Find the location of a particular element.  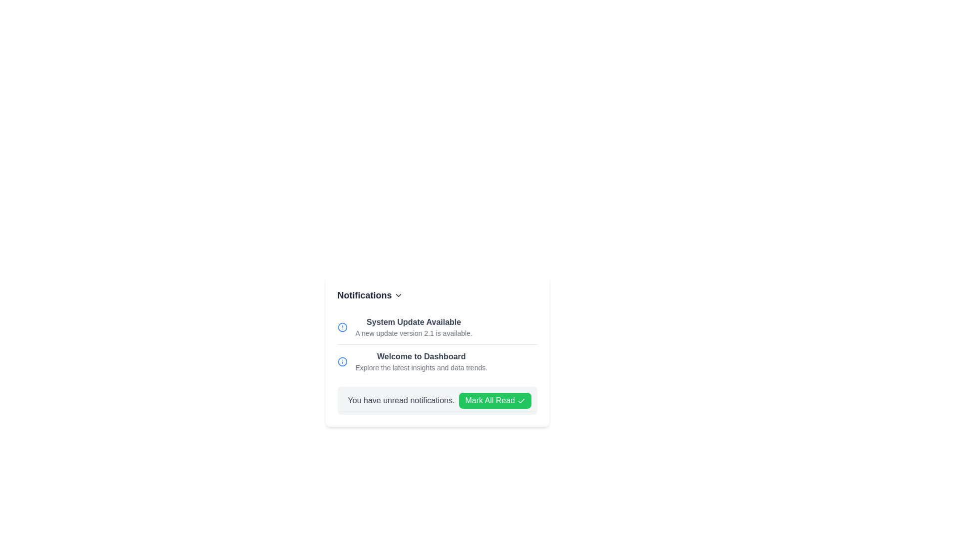

the text providing additional information about the new version 2.1 update, located beneath the heading 'System Update Available' within the notification card is located at coordinates (414, 333).